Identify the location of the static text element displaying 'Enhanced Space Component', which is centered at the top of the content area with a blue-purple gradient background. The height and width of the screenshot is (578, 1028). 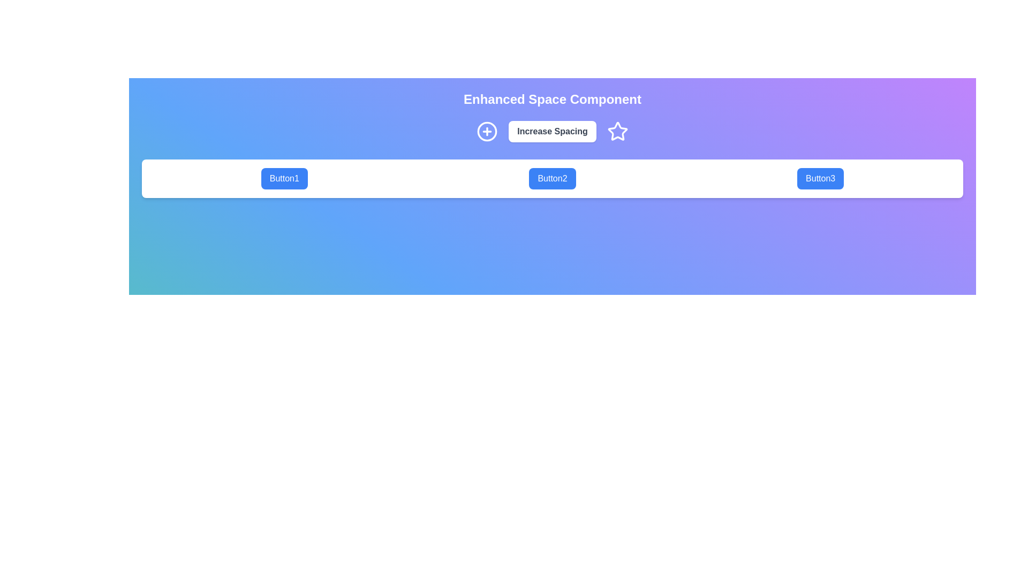
(553, 99).